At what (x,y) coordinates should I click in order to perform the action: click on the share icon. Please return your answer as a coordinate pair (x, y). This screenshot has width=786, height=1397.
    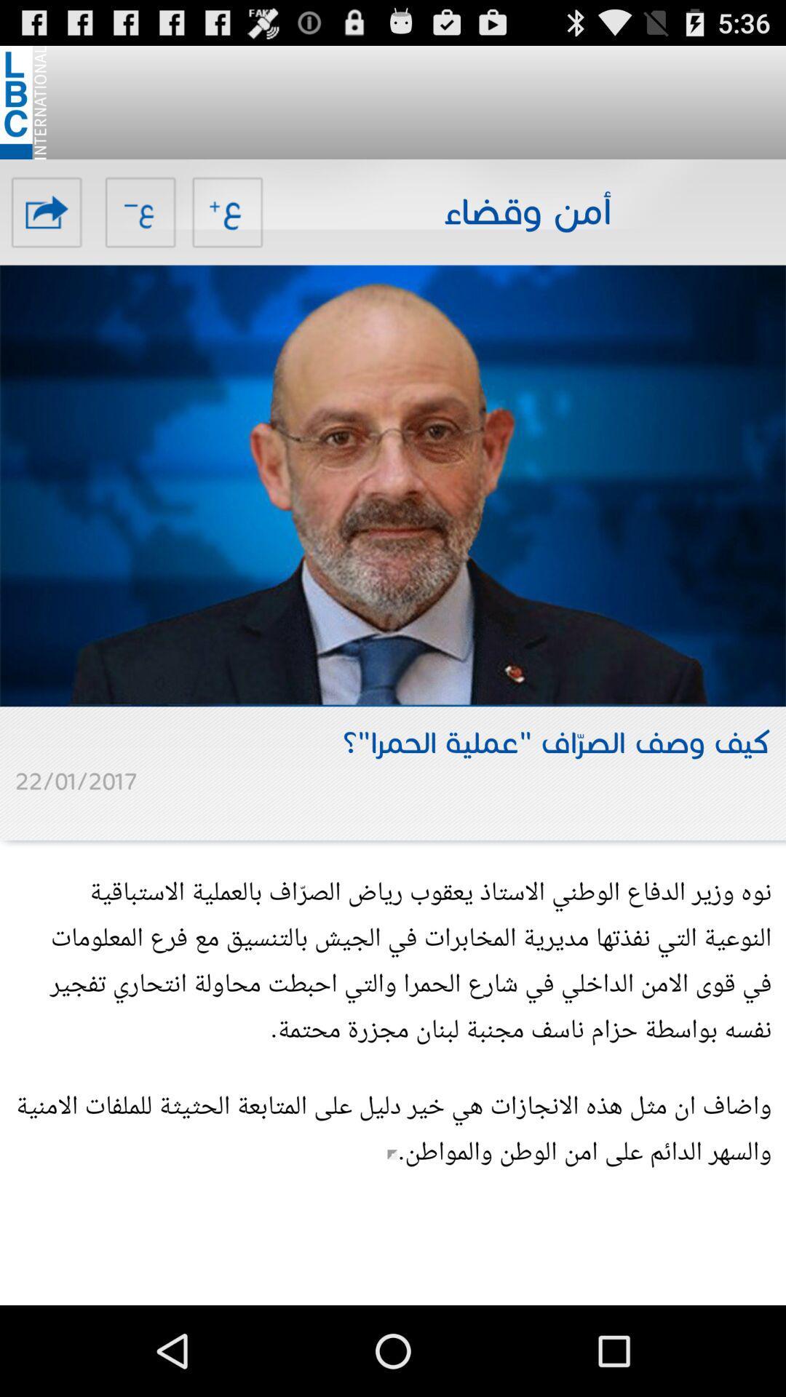
    Looking at the image, I should click on (48, 226).